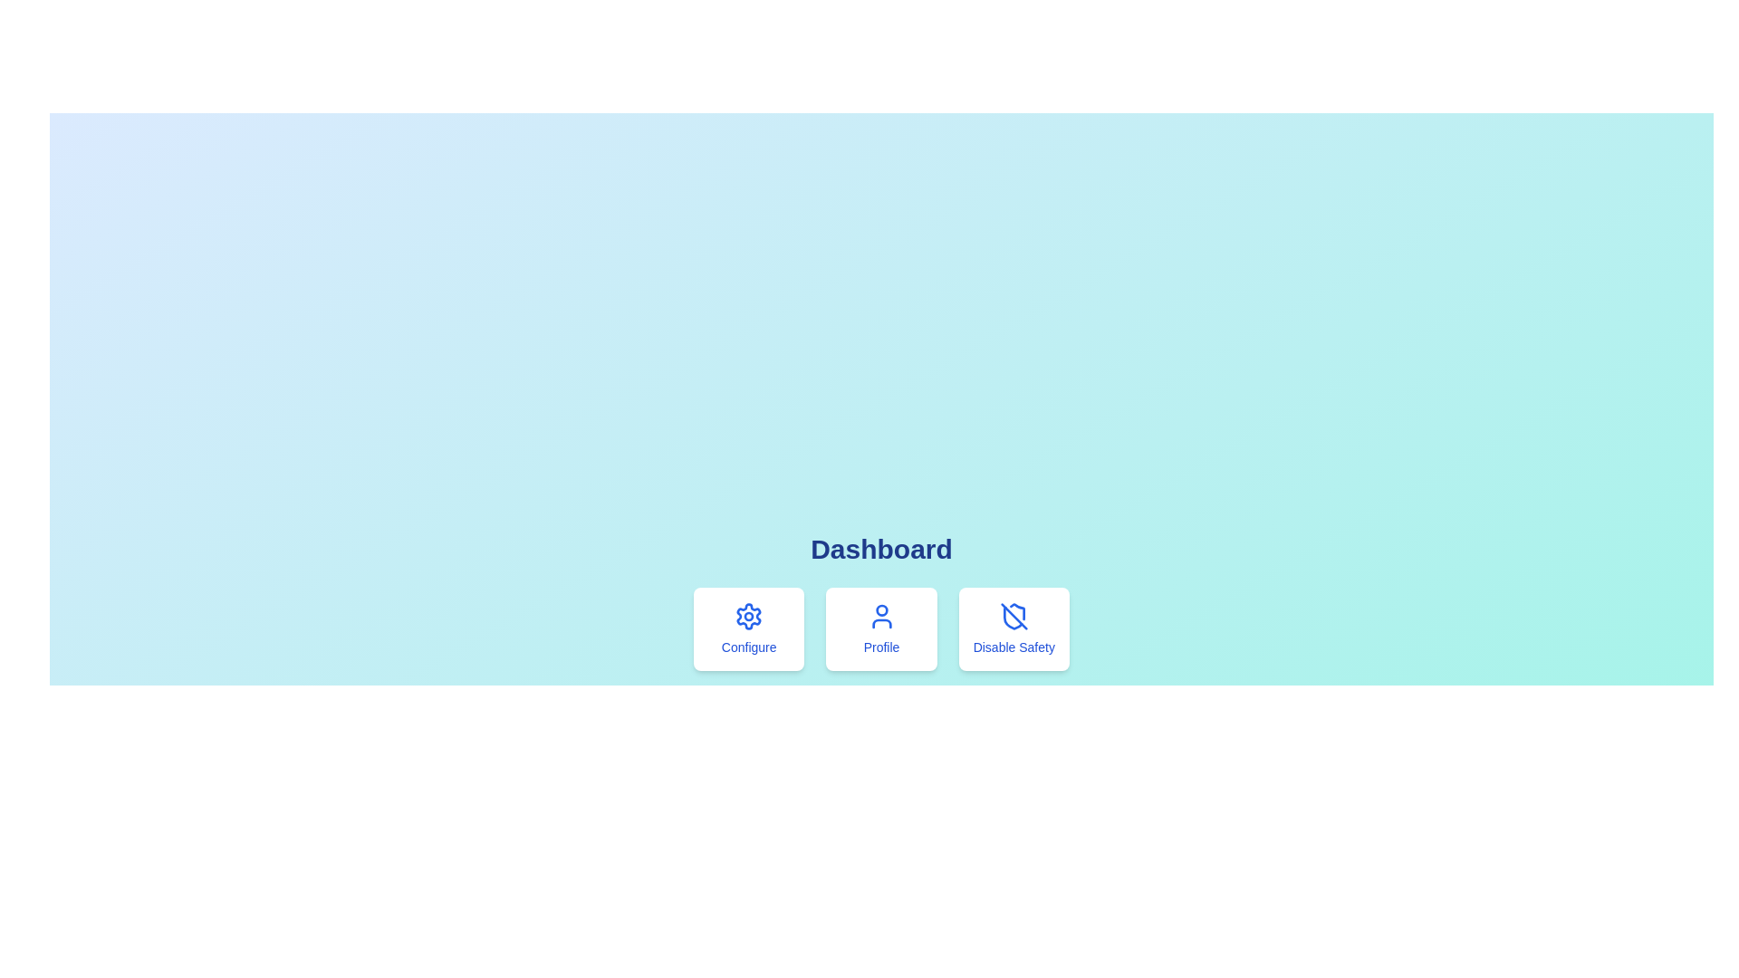  Describe the element at coordinates (881, 601) in the screenshot. I see `the 'Profile' button, which has a white background, rounded corners, and a blue icon and label, located centrally under the 'Dashboard' title` at that location.